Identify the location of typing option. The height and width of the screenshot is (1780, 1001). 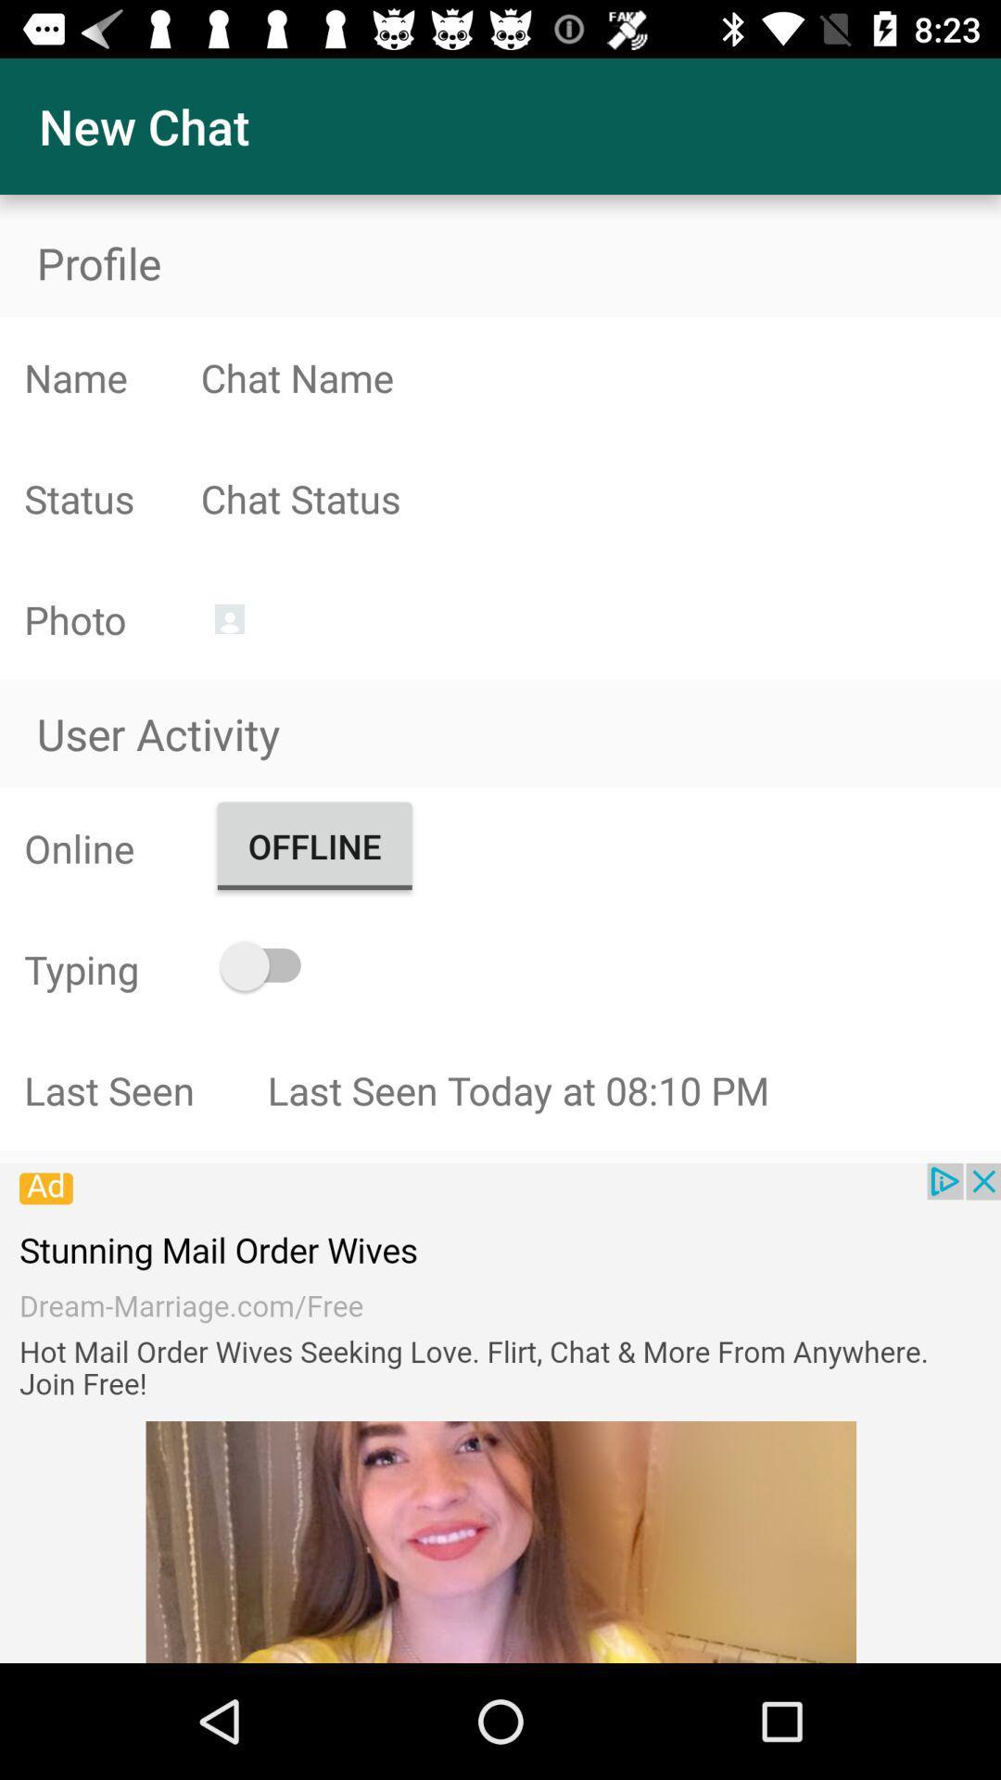
(269, 964).